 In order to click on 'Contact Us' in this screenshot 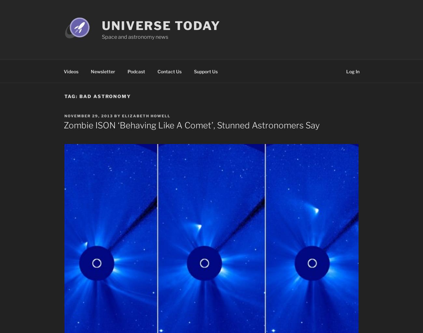, I will do `click(157, 71)`.